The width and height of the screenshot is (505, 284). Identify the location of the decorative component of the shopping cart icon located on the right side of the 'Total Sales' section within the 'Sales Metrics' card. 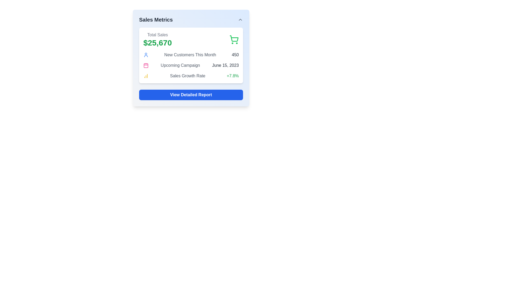
(234, 38).